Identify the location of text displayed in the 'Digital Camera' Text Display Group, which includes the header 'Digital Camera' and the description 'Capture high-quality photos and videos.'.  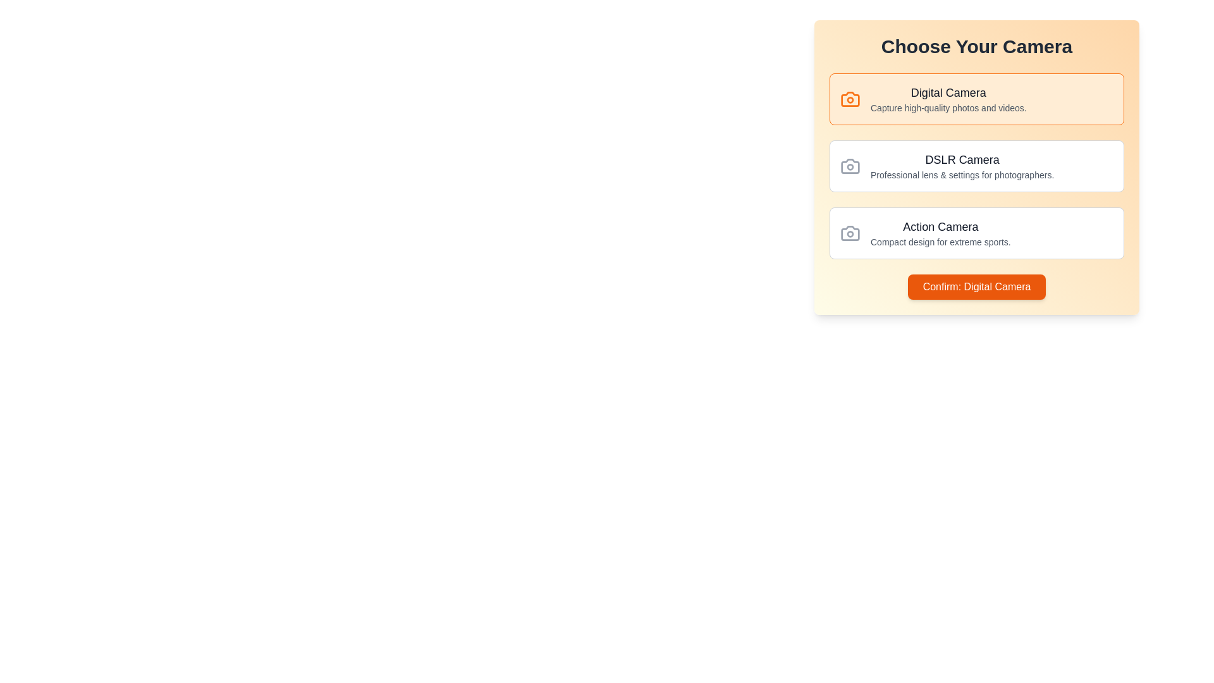
(948, 99).